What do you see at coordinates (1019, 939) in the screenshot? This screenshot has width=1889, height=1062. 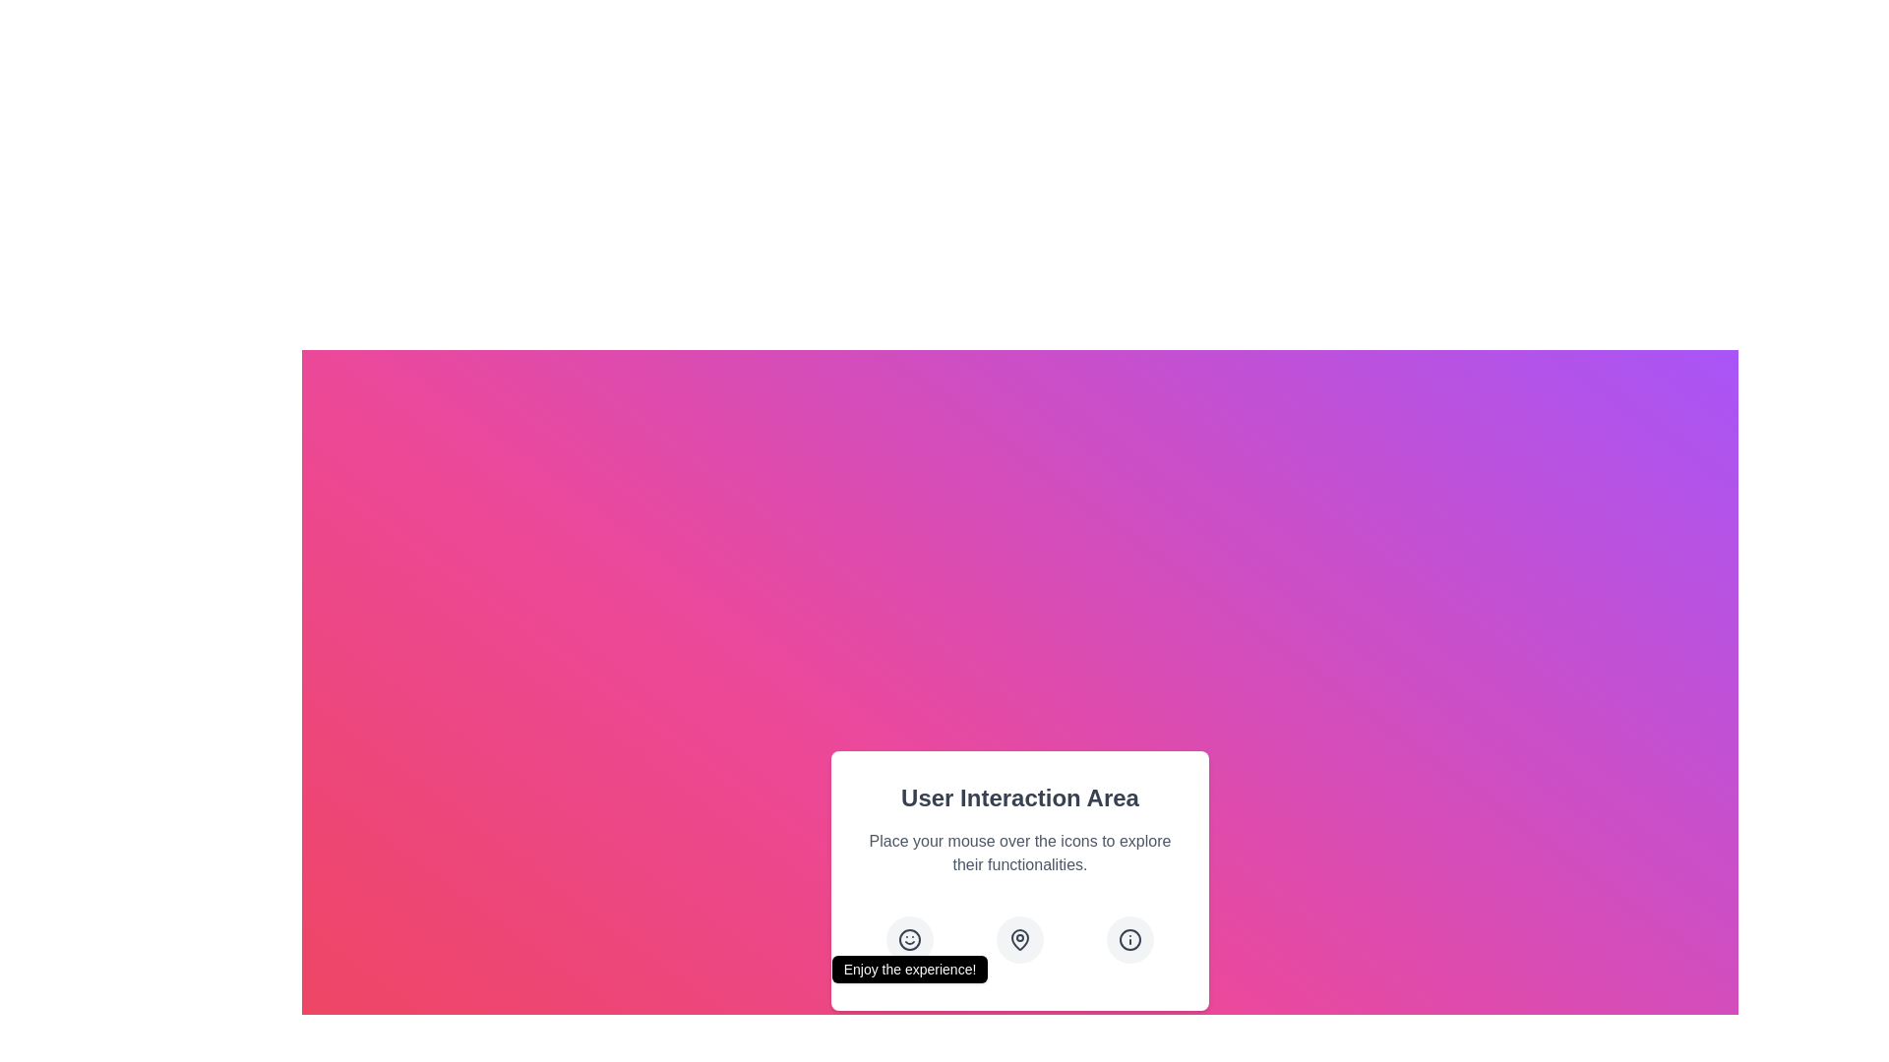 I see `the central button in the row of three buttons below the 'User Interaction Area' heading` at bounding box center [1019, 939].